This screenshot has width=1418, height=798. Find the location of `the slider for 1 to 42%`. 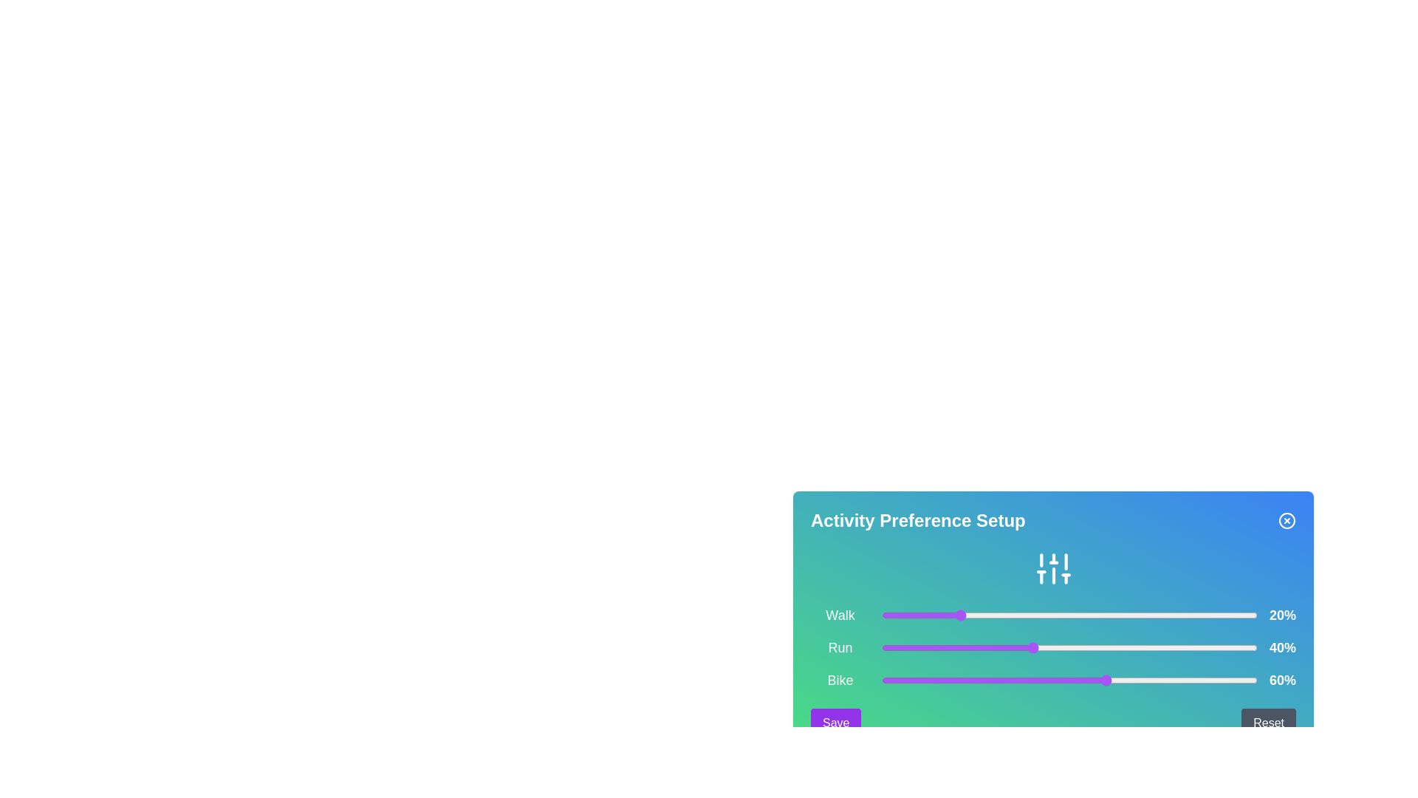

the slider for 1 to 42% is located at coordinates (1038, 647).